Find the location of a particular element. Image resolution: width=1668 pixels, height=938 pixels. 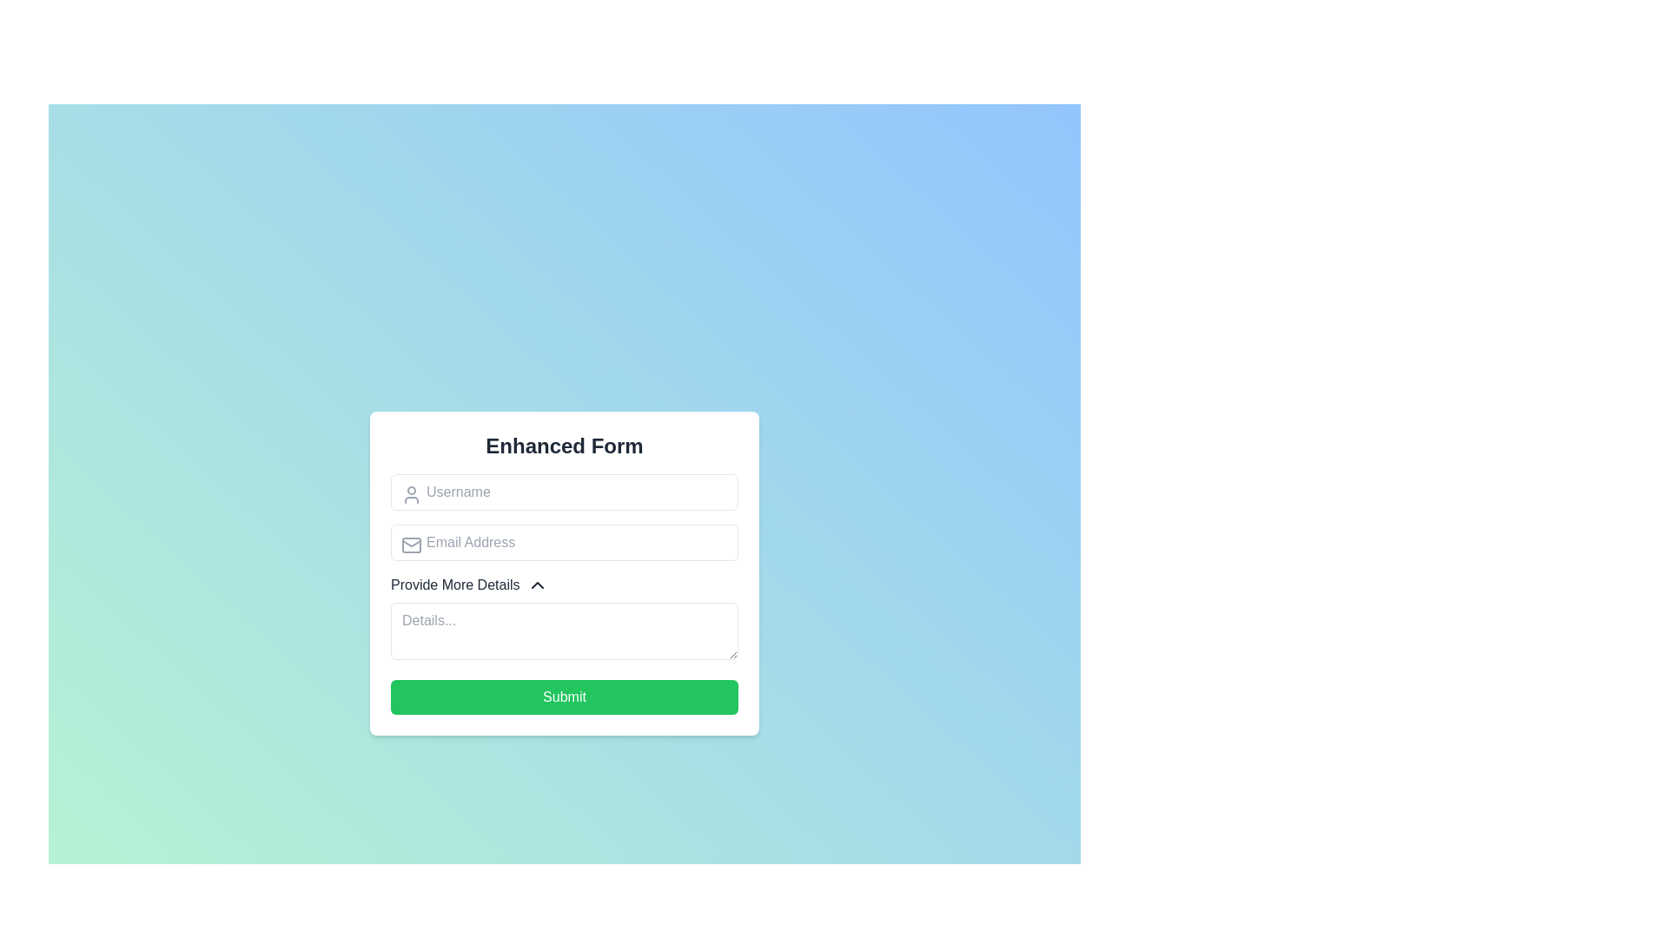

the toggle button located above the text area input labeled 'Details...' is located at coordinates (469, 585).